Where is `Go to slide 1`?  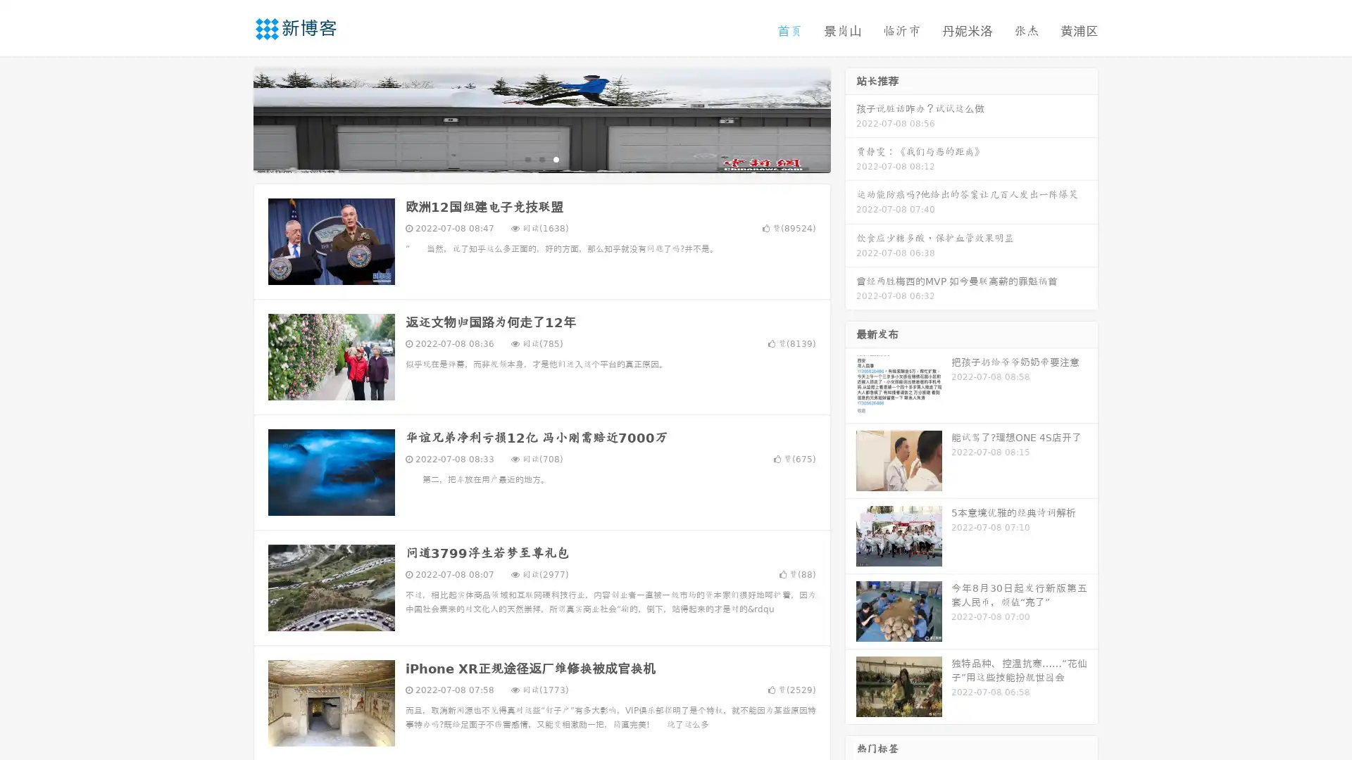 Go to slide 1 is located at coordinates (527, 158).